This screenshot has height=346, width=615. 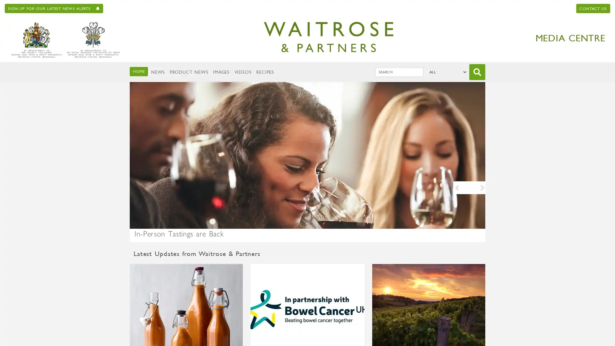 I want to click on SIGN UP FOR OUR LATEST NEWS ALERTS, so click(x=54, y=8).